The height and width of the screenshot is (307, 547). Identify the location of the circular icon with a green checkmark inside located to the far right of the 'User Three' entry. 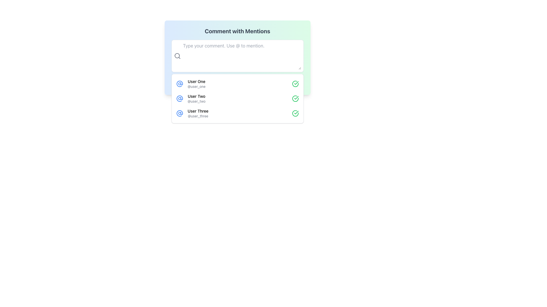
(295, 113).